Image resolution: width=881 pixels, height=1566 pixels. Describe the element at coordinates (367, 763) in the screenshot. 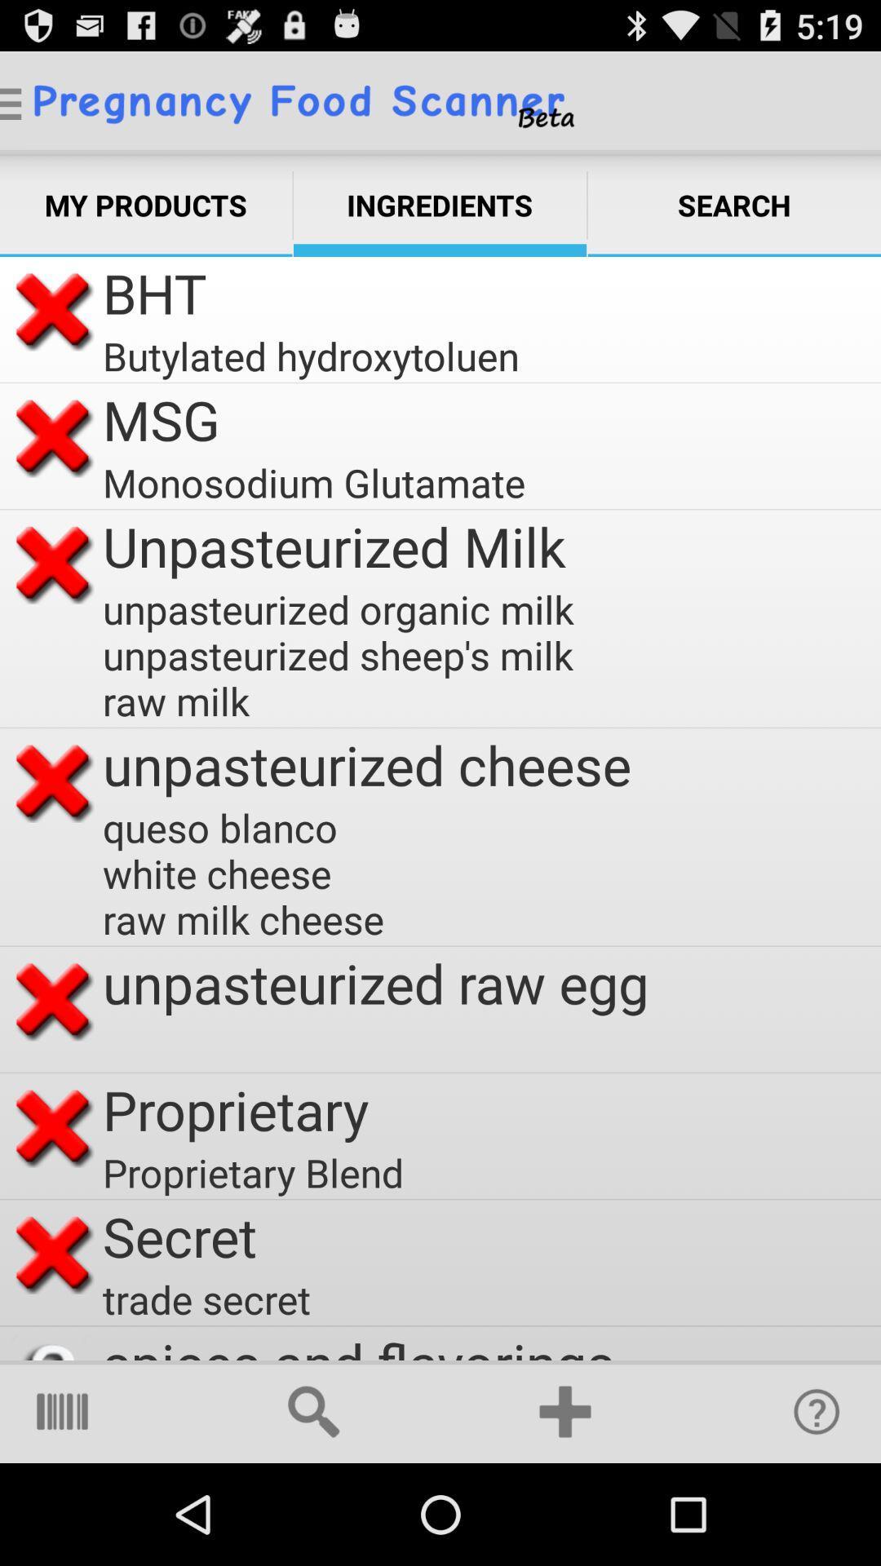

I see `the item above the queso blanco white item` at that location.